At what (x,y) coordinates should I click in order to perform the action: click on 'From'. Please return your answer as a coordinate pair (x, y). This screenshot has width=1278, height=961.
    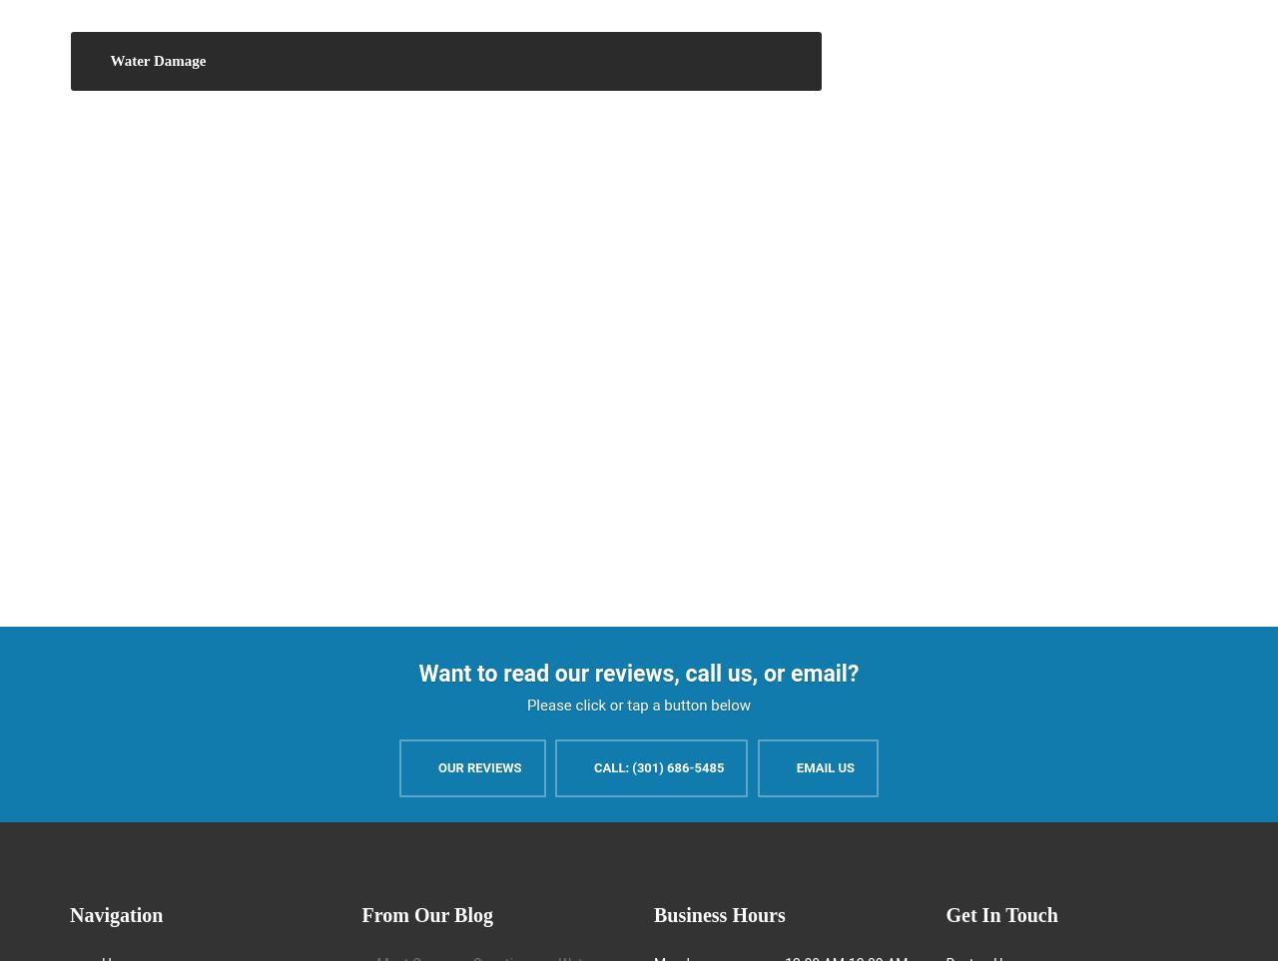
    Looking at the image, I should click on (384, 913).